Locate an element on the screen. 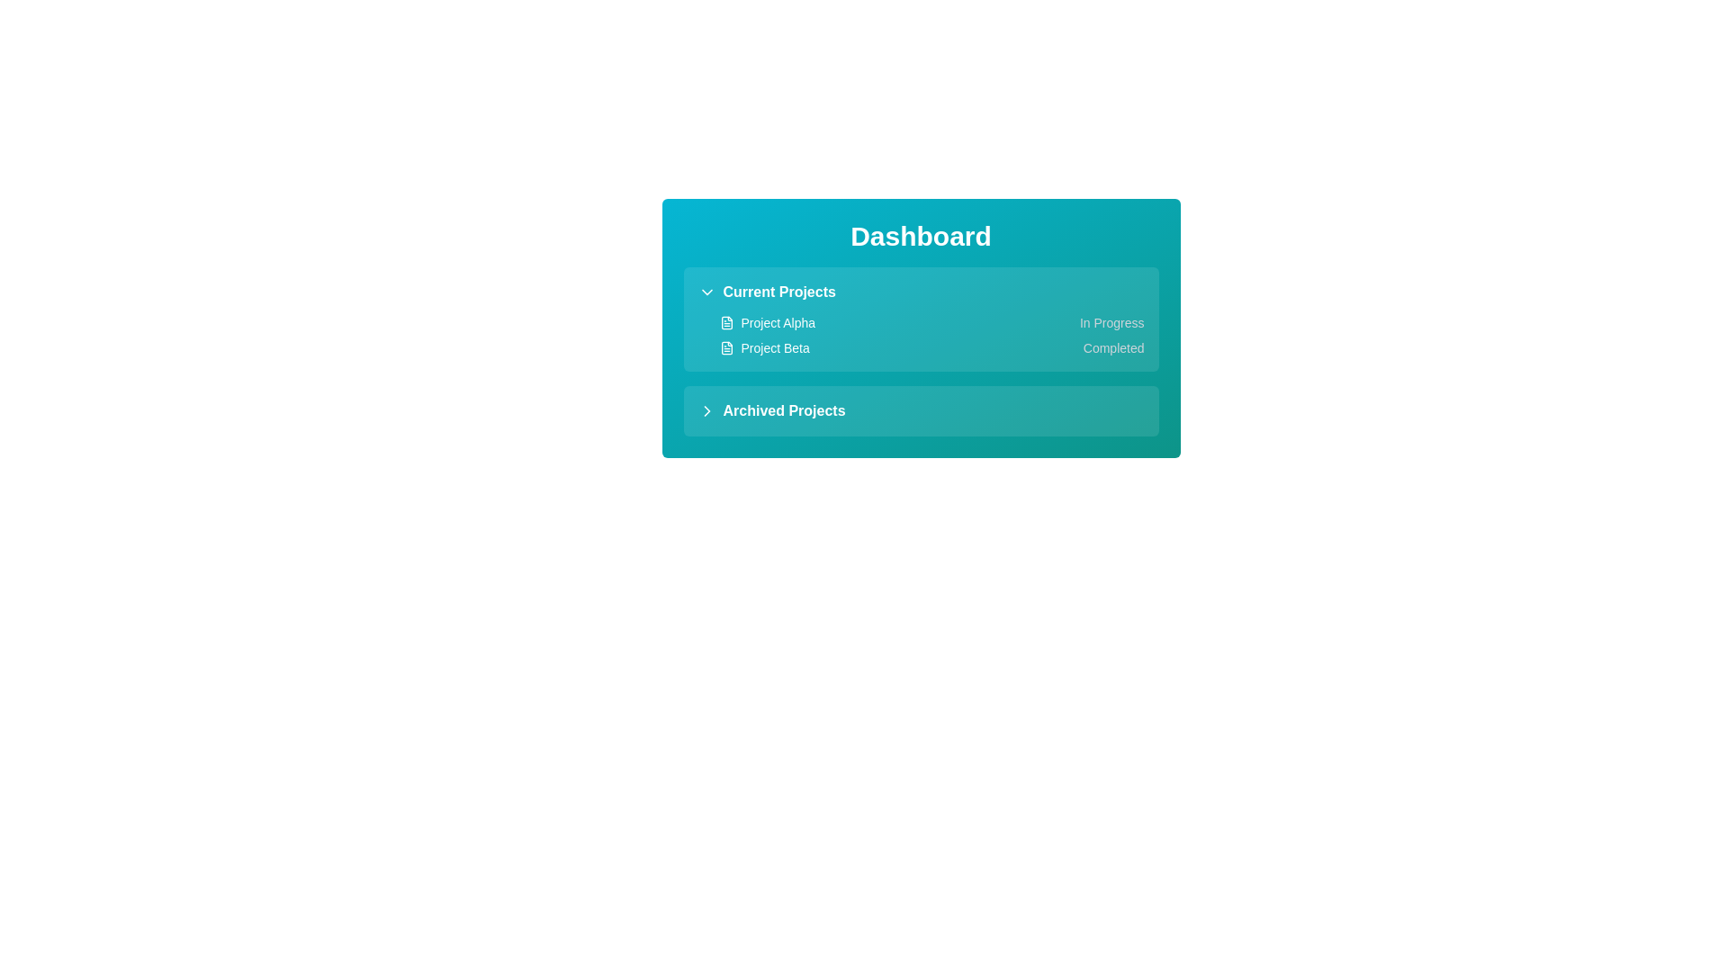 This screenshot has width=1728, height=972. the document icon, which is a graphic representation with a folded corner, located next to the label 'Project Beta' in the project dashboard is located at coordinates (726, 347).